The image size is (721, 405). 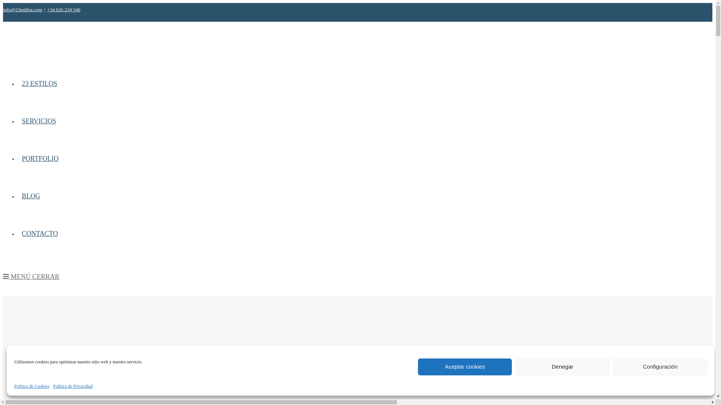 I want to click on 'info@23estilos.com', so click(x=23, y=9).